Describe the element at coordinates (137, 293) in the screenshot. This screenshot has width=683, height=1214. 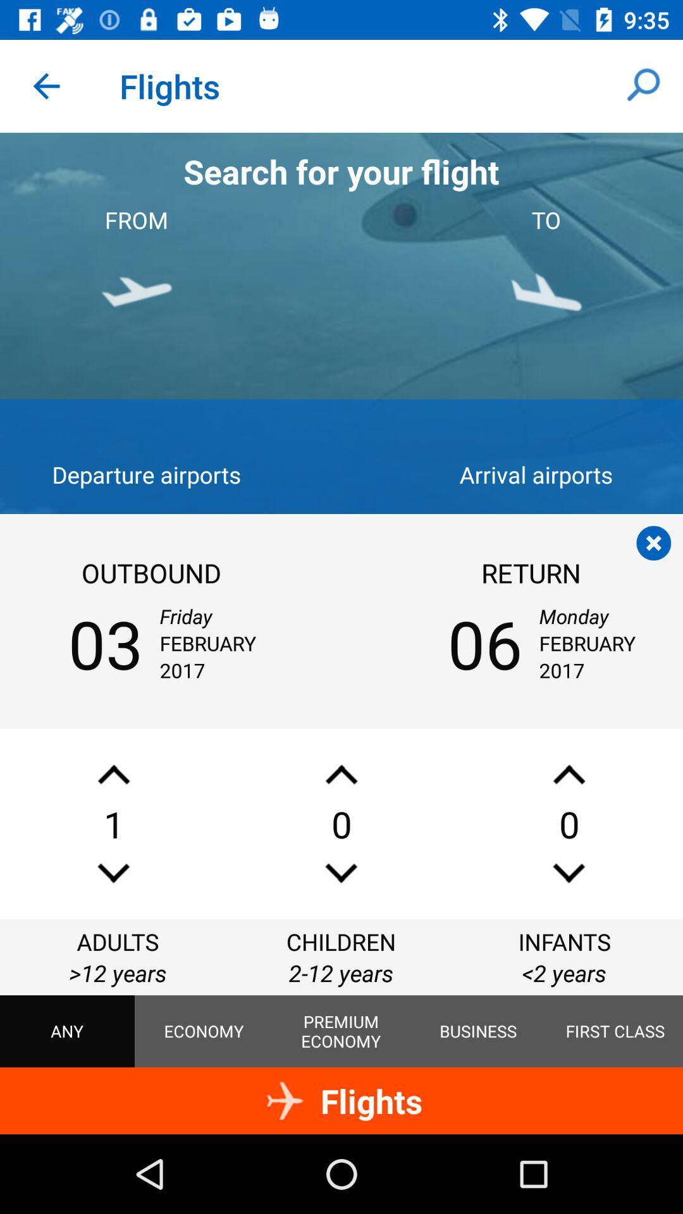
I see `the plane icon shown below from in the image shown at the top` at that location.